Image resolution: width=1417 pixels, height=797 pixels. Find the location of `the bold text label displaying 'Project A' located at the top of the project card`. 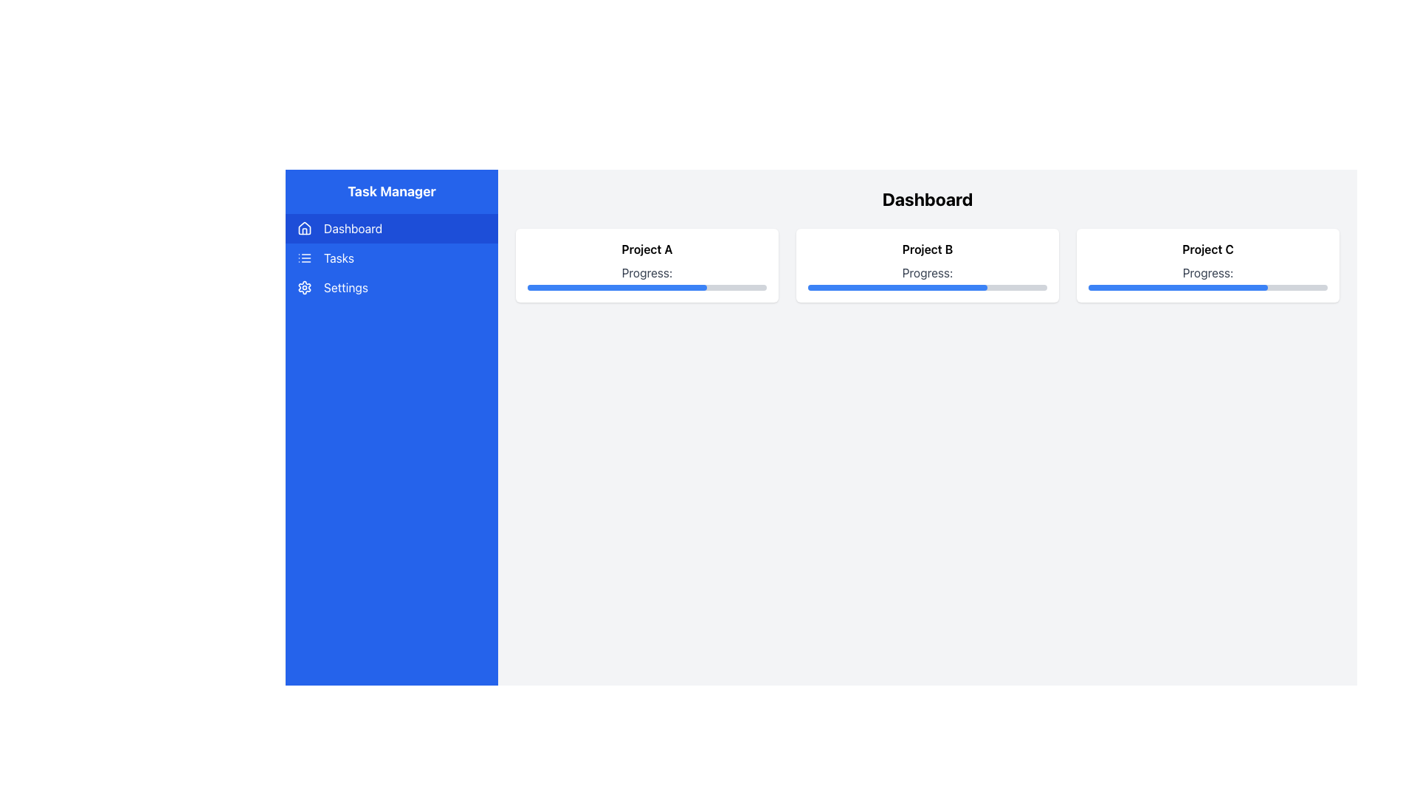

the bold text label displaying 'Project A' located at the top of the project card is located at coordinates (647, 249).